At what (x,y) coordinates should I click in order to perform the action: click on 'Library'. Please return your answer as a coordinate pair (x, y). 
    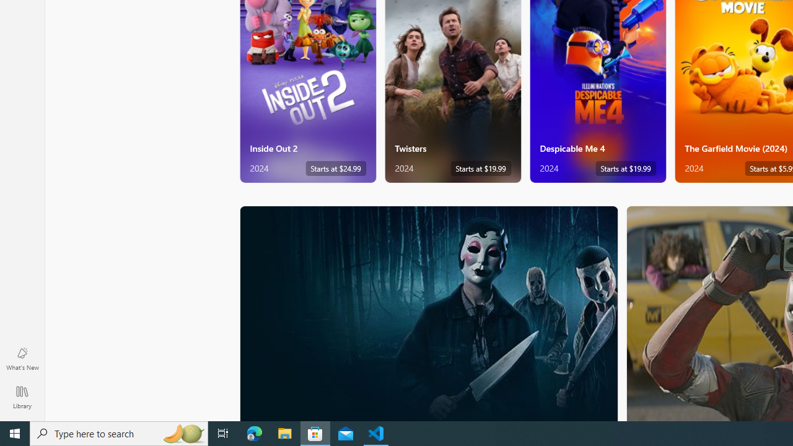
    Looking at the image, I should click on (22, 396).